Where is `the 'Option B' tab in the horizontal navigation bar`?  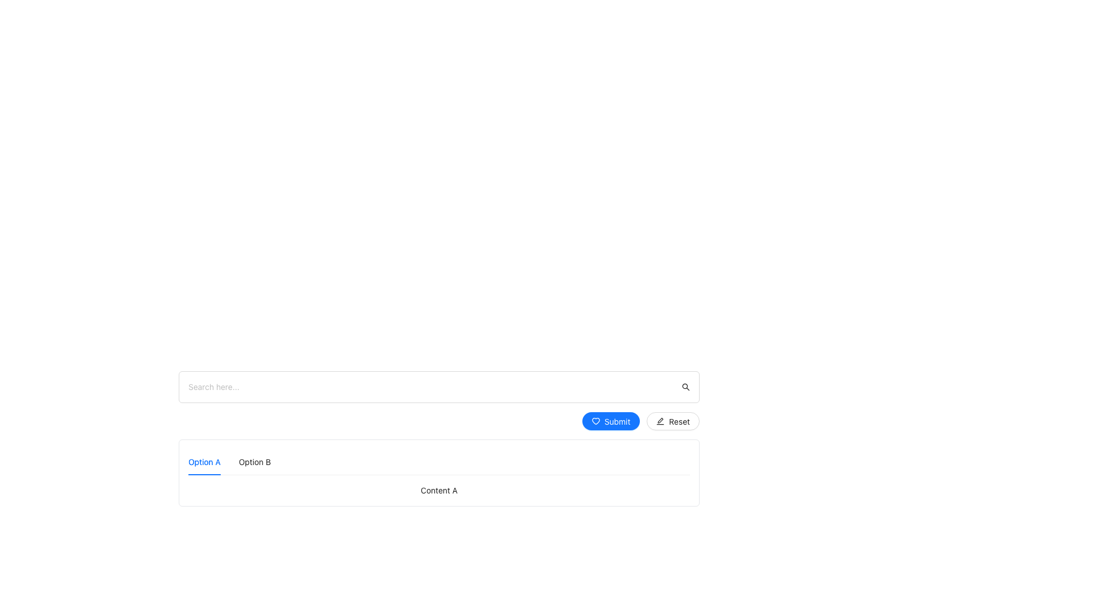
the 'Option B' tab in the horizontal navigation bar is located at coordinates (254, 462).